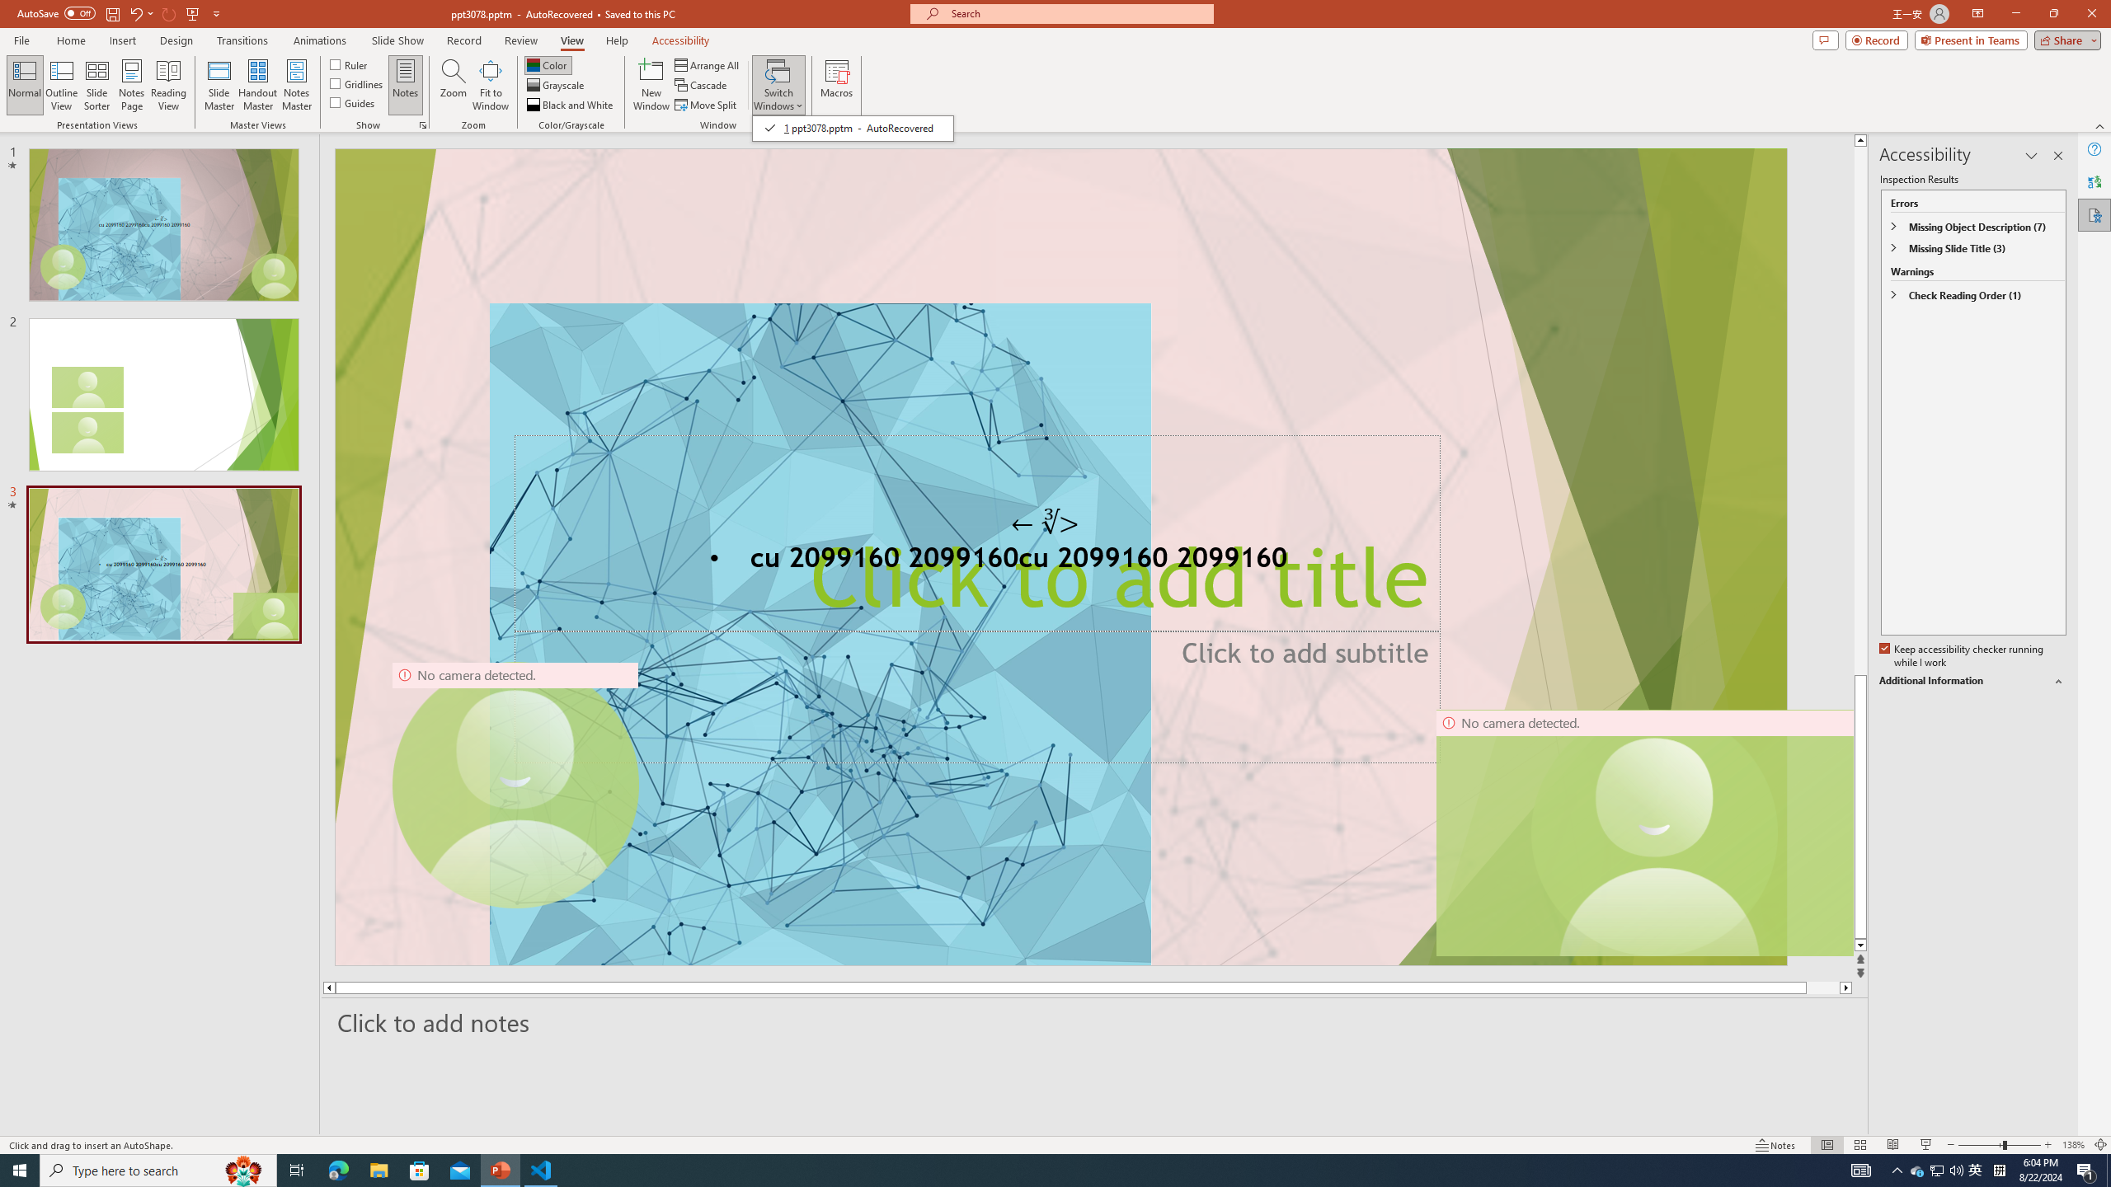 This screenshot has width=2111, height=1187. What do you see at coordinates (1059, 560) in the screenshot?
I see `'TextBox 61'` at bounding box center [1059, 560].